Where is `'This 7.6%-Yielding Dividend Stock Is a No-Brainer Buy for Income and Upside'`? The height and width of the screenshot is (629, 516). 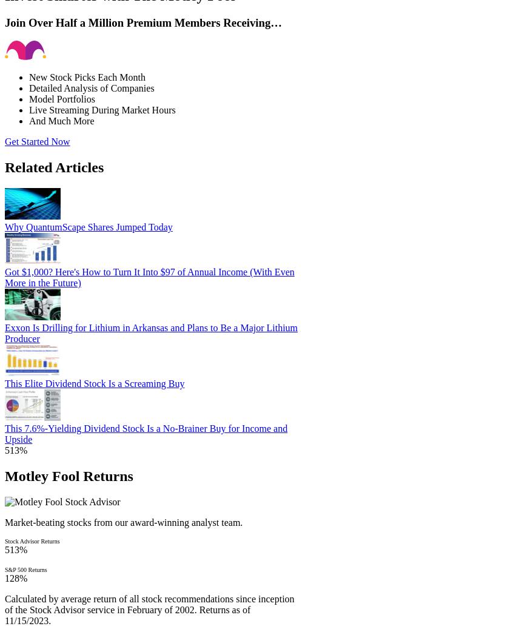
'This 7.6%-Yielding Dividend Stock Is a No-Brainer Buy for Income and Upside' is located at coordinates (146, 434).